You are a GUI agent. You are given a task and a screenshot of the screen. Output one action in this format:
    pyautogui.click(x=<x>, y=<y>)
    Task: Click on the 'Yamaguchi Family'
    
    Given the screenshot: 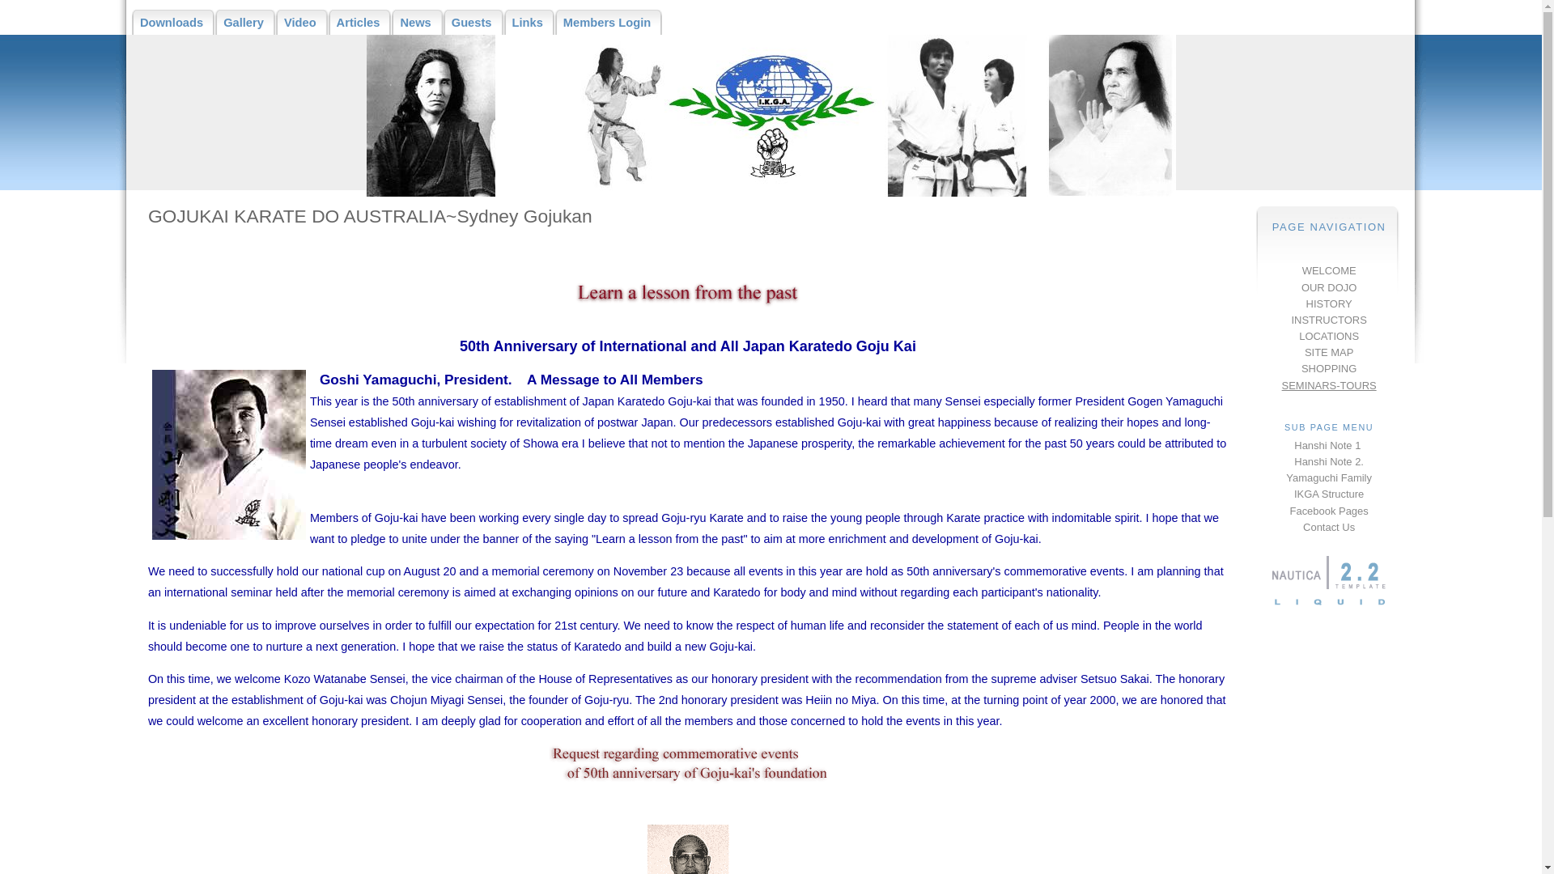 What is the action you would take?
    pyautogui.click(x=1284, y=477)
    